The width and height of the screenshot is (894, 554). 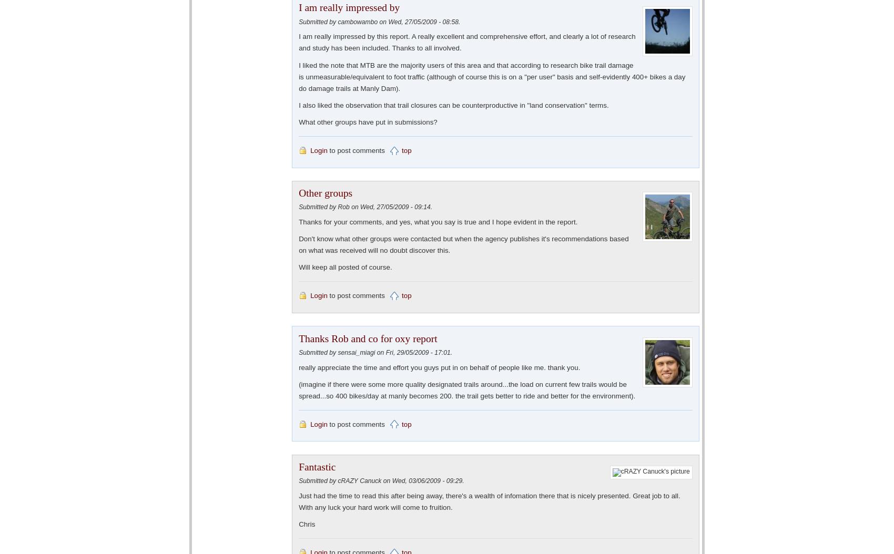 I want to click on 'Fantastic', so click(x=316, y=466).